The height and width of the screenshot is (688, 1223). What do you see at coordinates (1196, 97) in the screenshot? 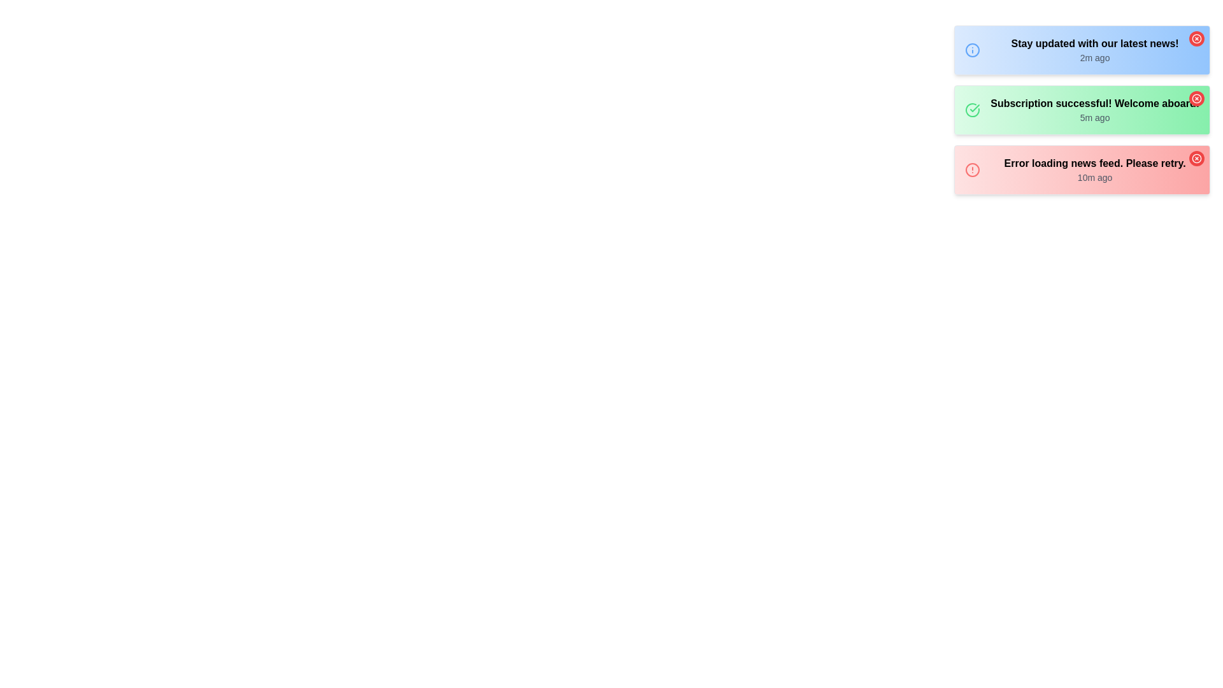
I see `the circular close button with an 'X' icon located at the top-right corner of the notification card` at bounding box center [1196, 97].